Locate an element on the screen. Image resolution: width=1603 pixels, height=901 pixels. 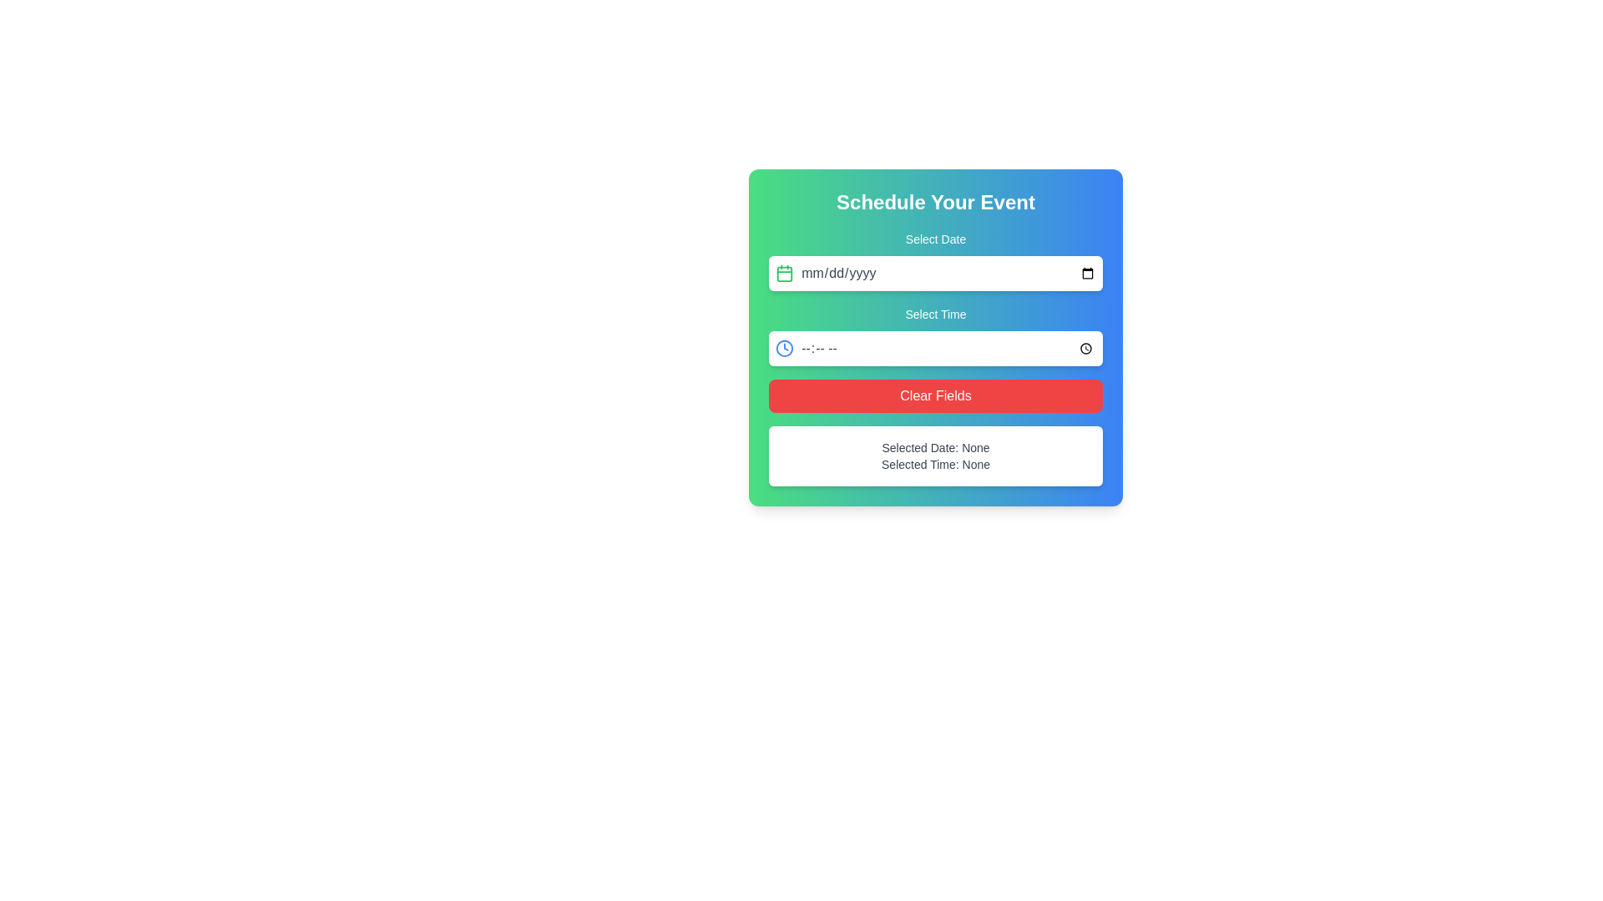
the 'Select Time' label that is styled with white text on a blue gradient background, located under the 'Select Date' title and above the time input field is located at coordinates (935, 315).